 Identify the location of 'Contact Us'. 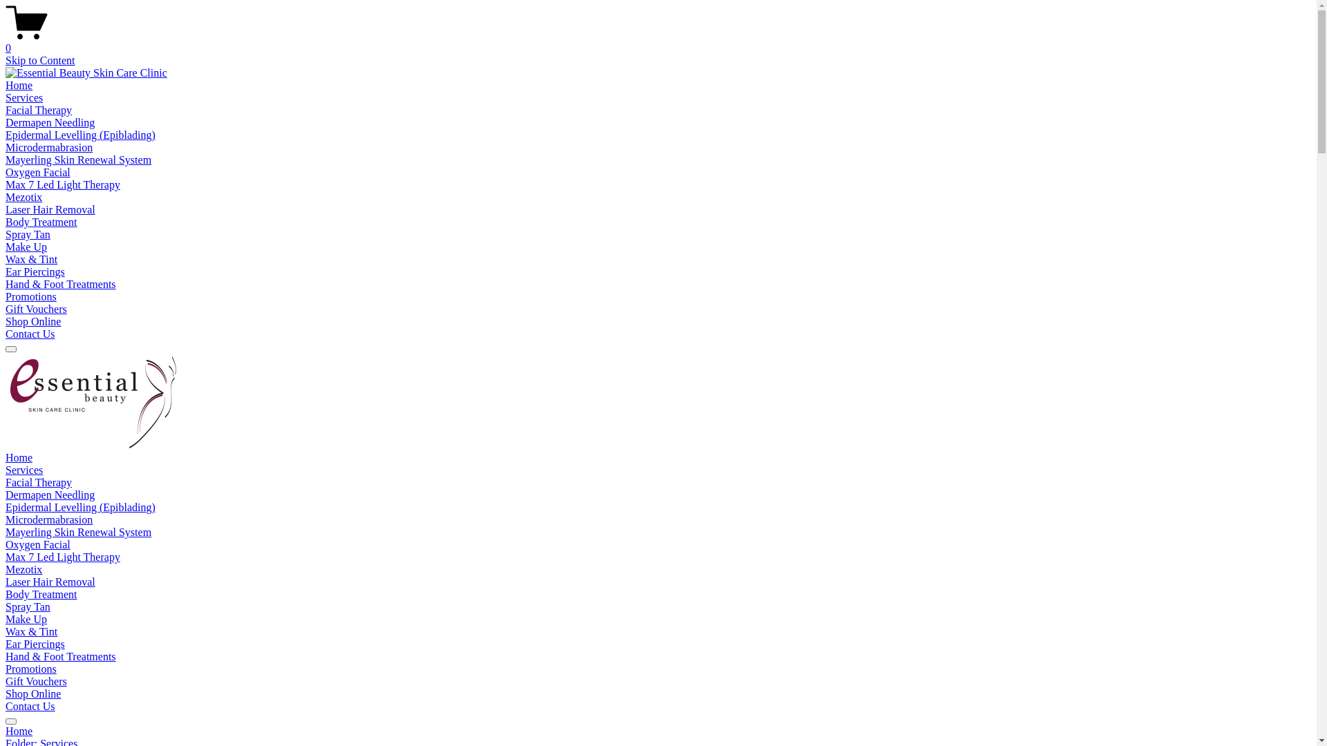
(30, 706).